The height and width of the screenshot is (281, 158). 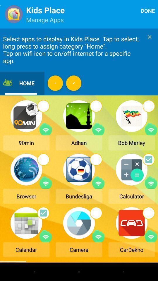 What do you see at coordinates (151, 236) in the screenshot?
I see `connect to wifi` at bounding box center [151, 236].